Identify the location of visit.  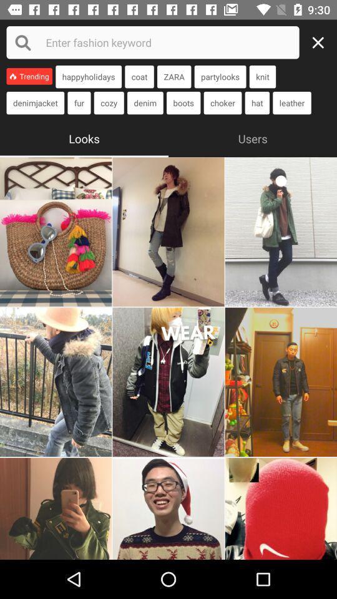
(55, 381).